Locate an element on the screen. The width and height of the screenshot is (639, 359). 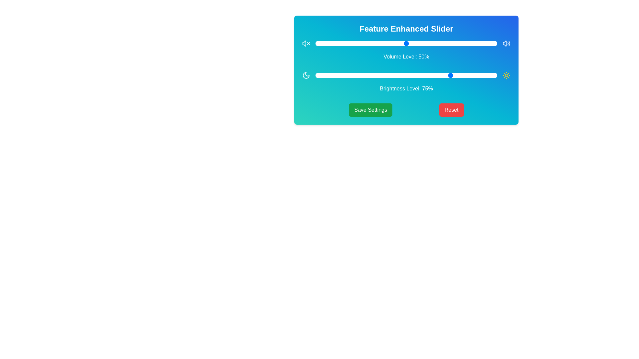
the slider value is located at coordinates (494, 44).